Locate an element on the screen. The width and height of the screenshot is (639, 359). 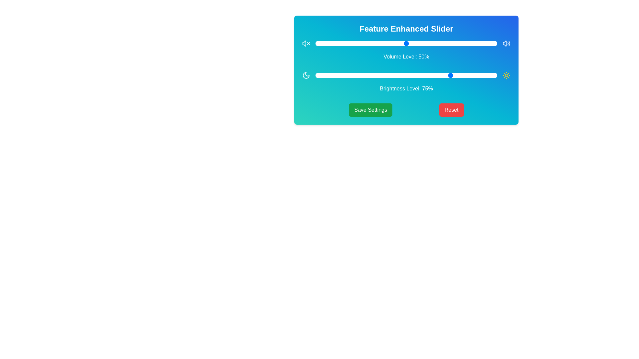
the slider value is located at coordinates (494, 44).